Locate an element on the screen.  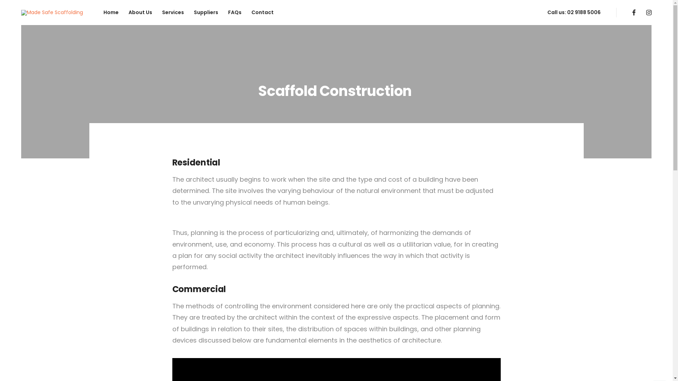
'Home' is located at coordinates (111, 12).